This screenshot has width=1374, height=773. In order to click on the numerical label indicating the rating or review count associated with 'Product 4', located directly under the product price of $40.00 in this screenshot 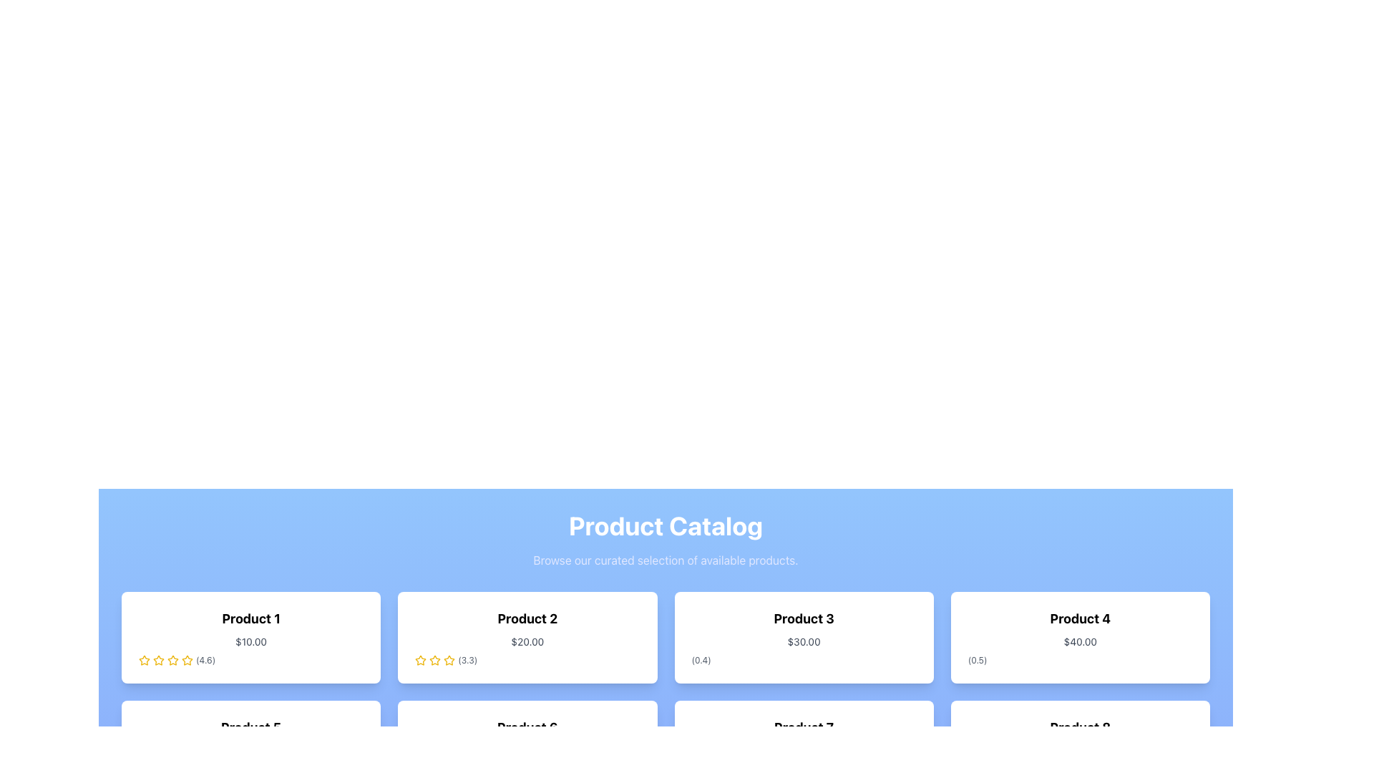, I will do `click(977, 660)`.